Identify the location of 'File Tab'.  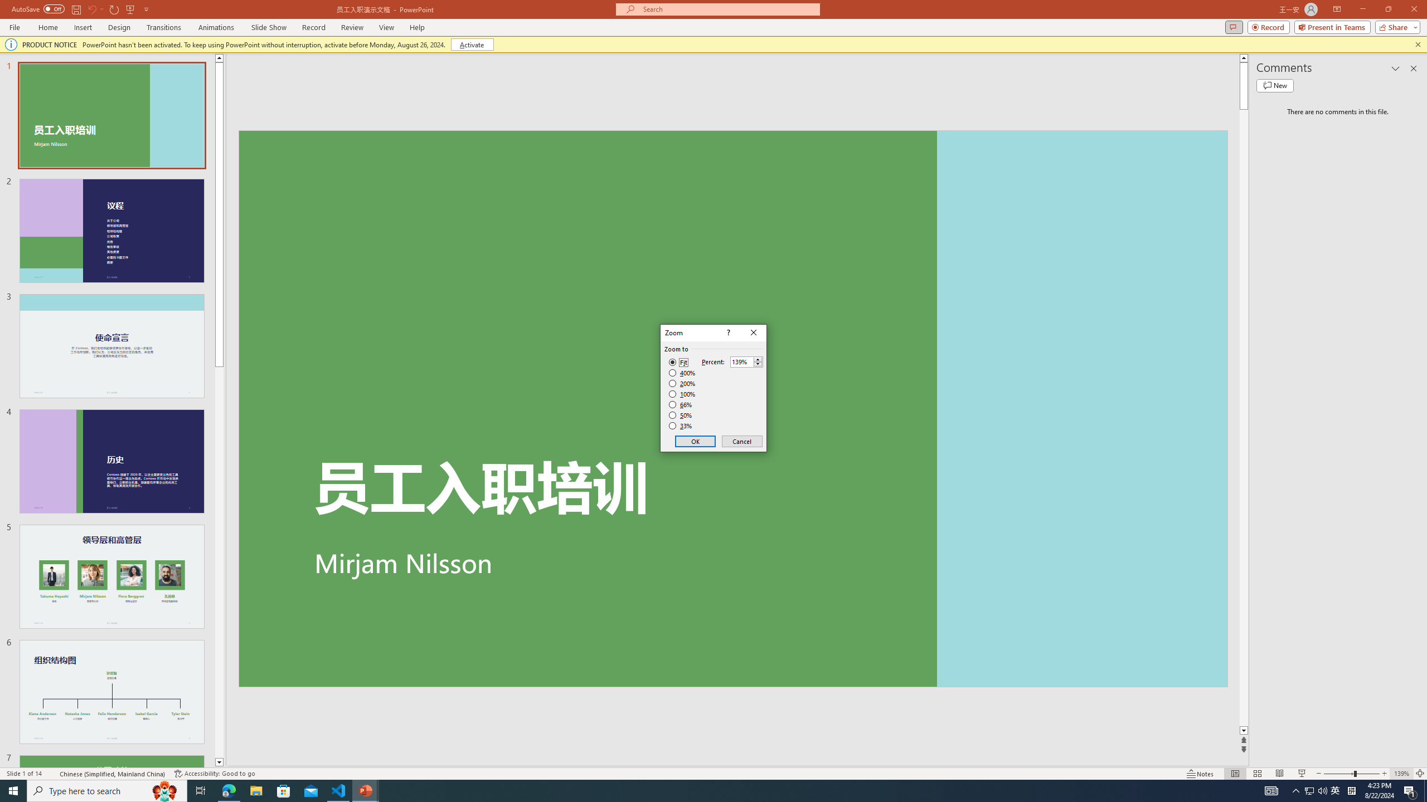
(14, 26).